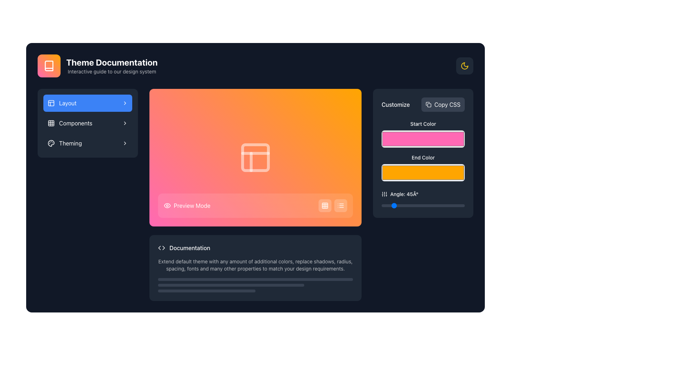 The image size is (688, 387). What do you see at coordinates (443, 105) in the screenshot?
I see `the 'Copy CSS' button located in the top-right corner of the 'Customize' section, adjacent to the label text 'Customize' to trigger hover effects` at bounding box center [443, 105].